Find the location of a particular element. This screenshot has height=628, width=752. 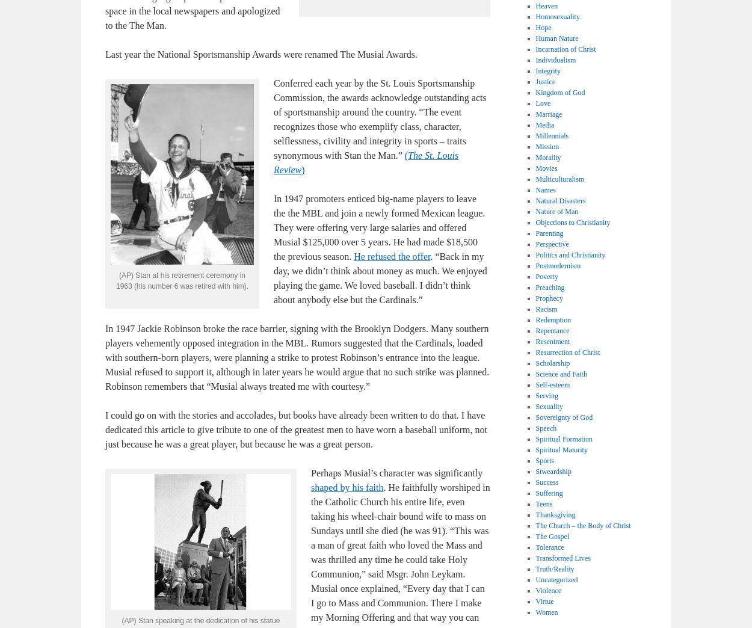

'Tolerance' is located at coordinates (549, 547).